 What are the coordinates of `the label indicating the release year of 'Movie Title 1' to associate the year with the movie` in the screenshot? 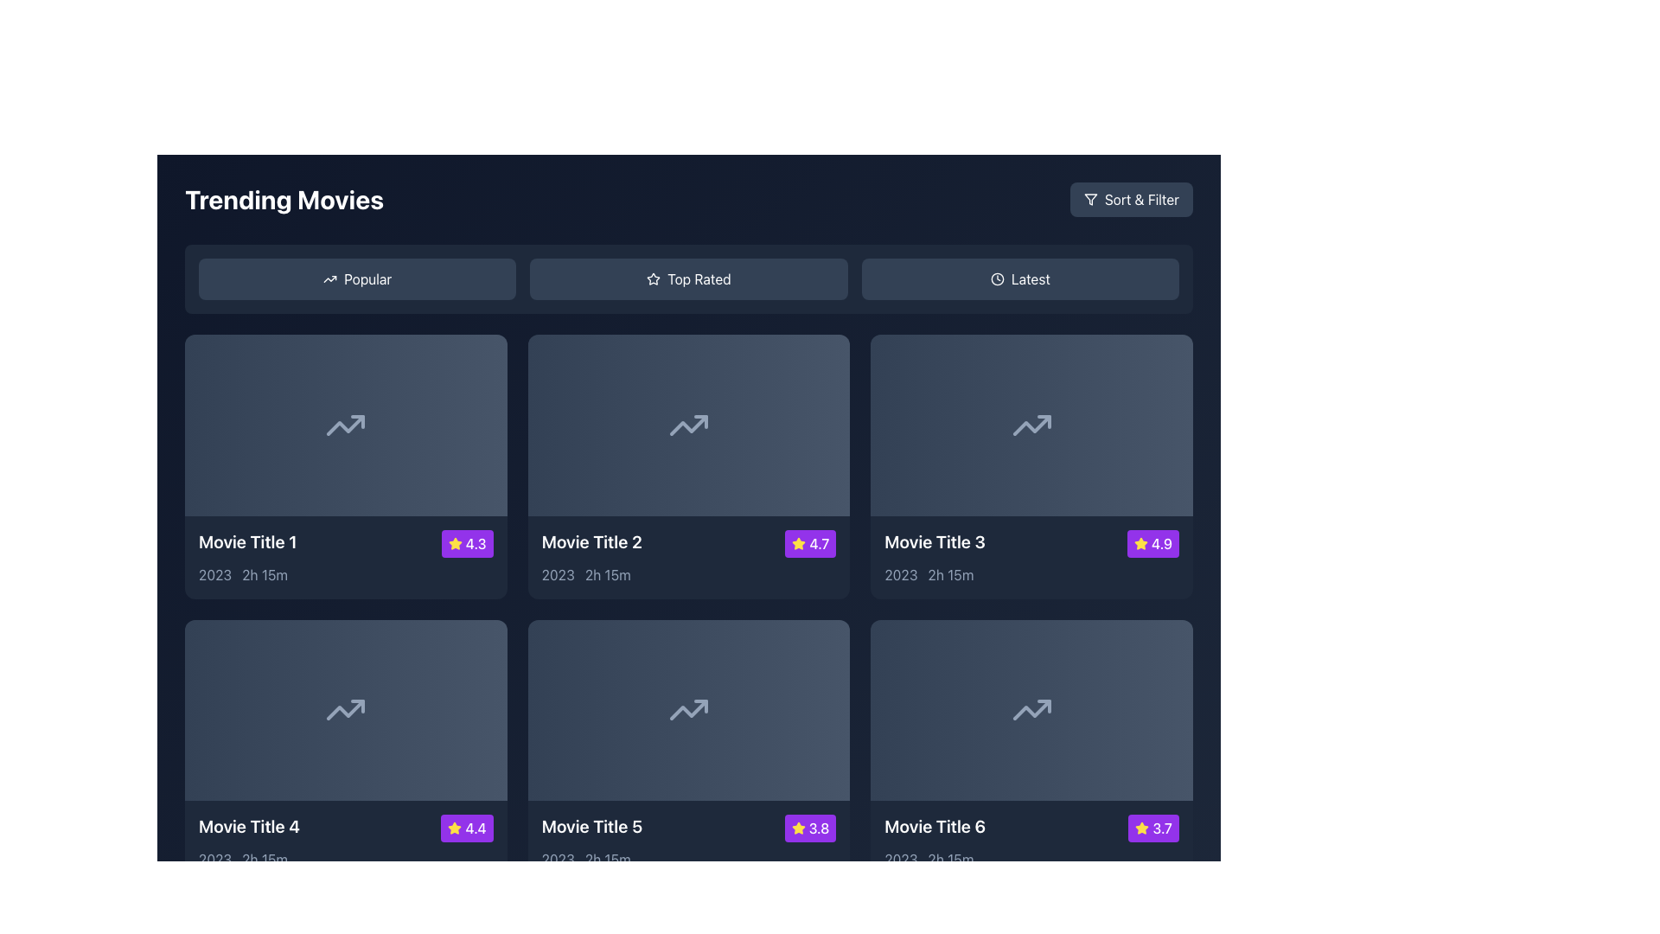 It's located at (214, 574).